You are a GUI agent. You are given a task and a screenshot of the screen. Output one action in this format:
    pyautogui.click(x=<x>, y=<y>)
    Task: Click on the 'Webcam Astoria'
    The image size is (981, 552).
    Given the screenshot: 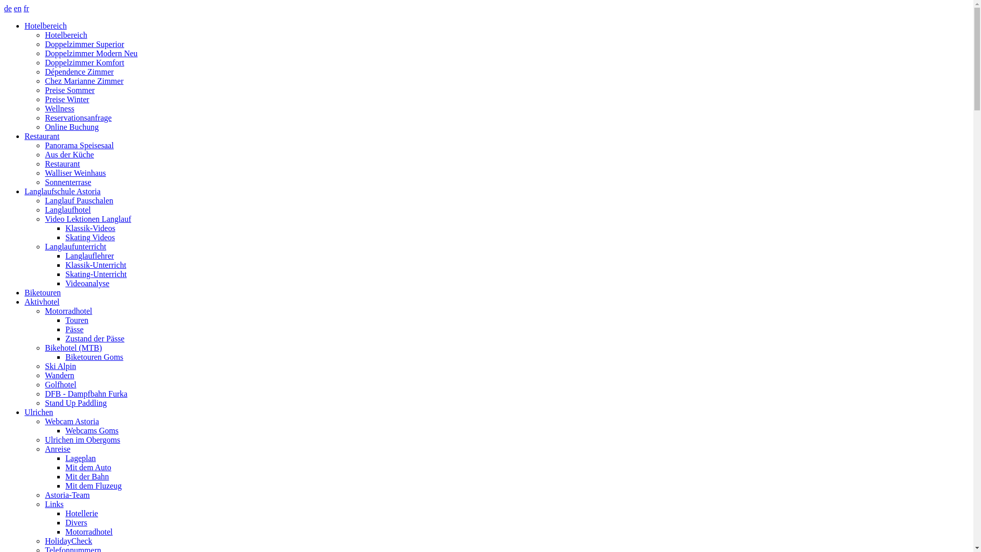 What is the action you would take?
    pyautogui.click(x=71, y=421)
    